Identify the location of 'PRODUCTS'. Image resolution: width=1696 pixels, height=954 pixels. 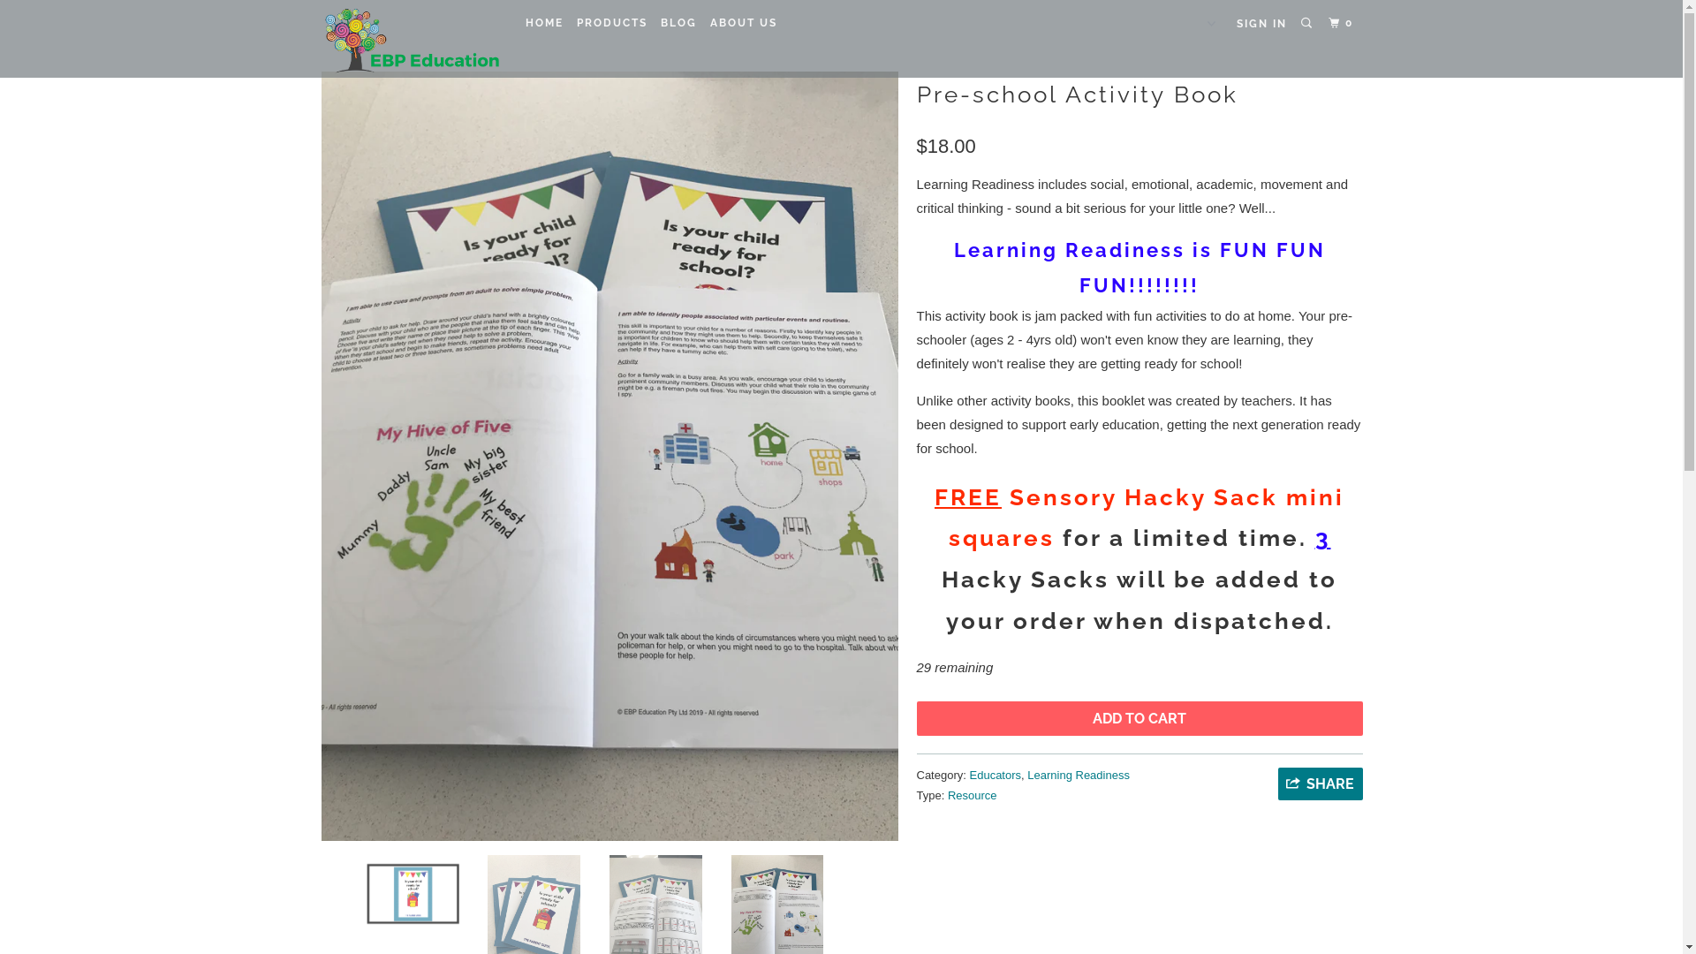
(611, 23).